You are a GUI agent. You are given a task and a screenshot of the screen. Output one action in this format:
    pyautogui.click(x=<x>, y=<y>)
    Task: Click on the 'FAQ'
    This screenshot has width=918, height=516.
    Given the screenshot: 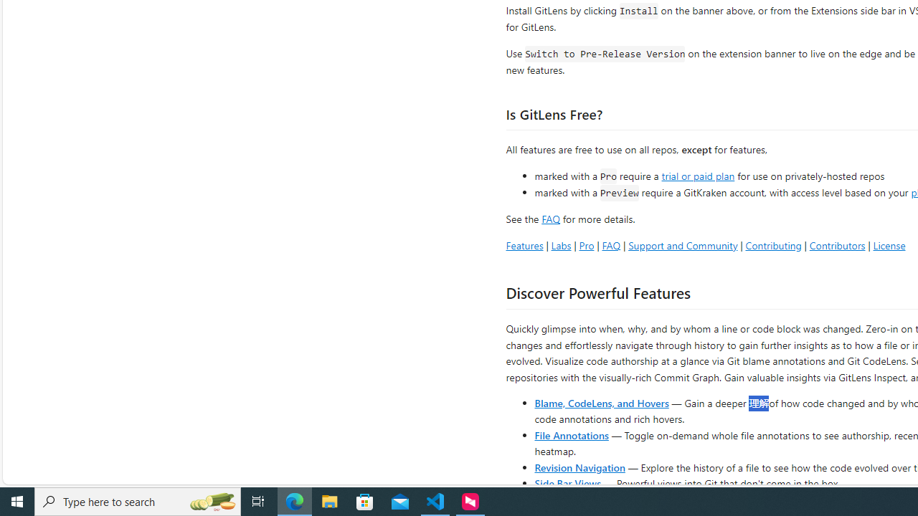 What is the action you would take?
    pyautogui.click(x=611, y=244)
    